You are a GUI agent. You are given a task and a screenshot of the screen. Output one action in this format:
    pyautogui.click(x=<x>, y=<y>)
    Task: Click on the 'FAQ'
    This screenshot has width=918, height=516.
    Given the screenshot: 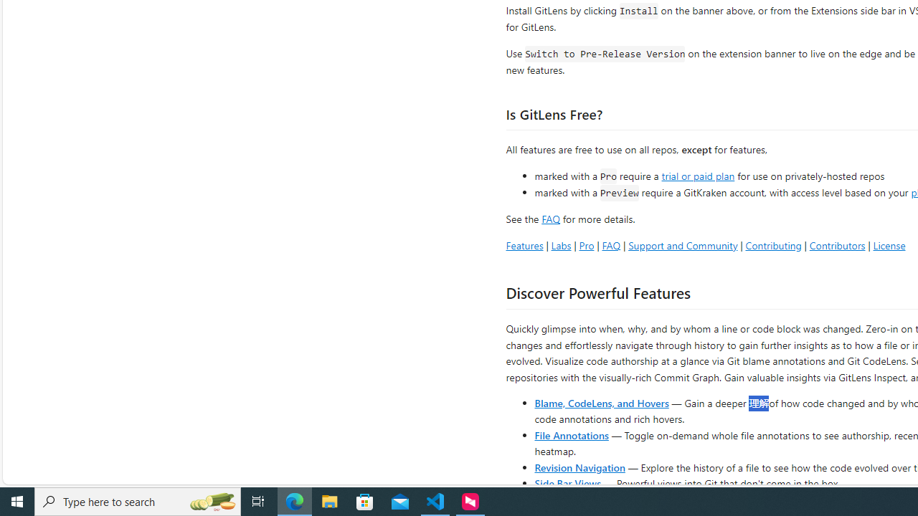 What is the action you would take?
    pyautogui.click(x=611, y=244)
    